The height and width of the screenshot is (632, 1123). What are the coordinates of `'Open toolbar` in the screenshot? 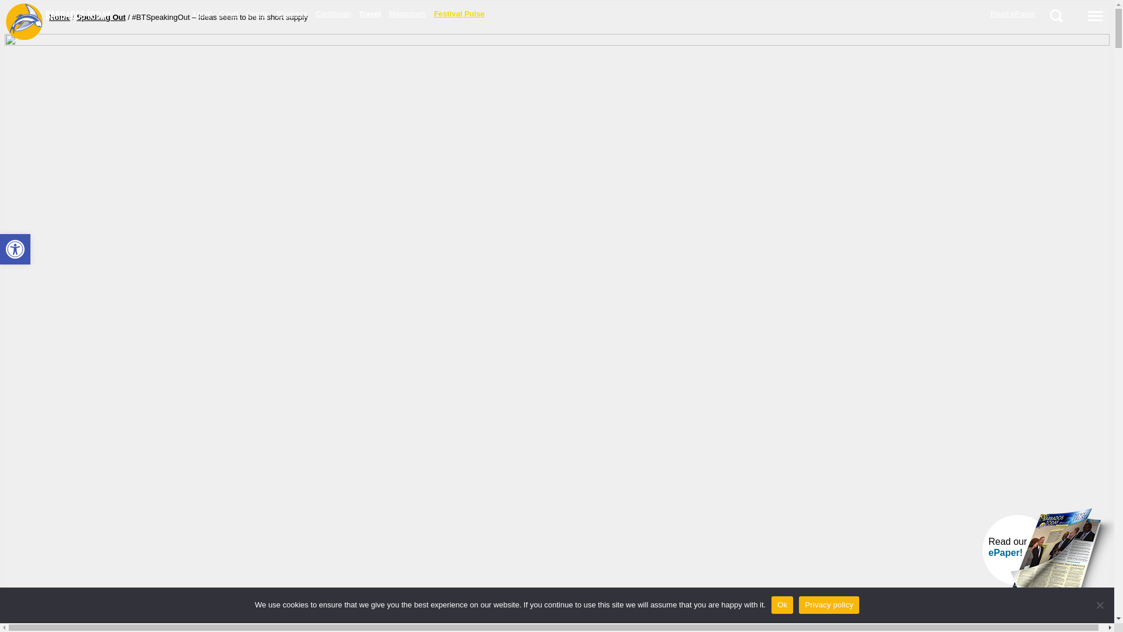 It's located at (15, 248).